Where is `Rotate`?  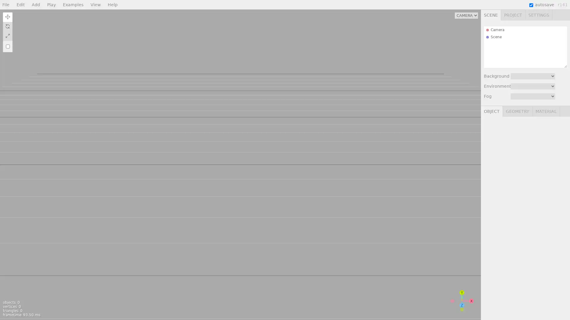 Rotate is located at coordinates (7, 26).